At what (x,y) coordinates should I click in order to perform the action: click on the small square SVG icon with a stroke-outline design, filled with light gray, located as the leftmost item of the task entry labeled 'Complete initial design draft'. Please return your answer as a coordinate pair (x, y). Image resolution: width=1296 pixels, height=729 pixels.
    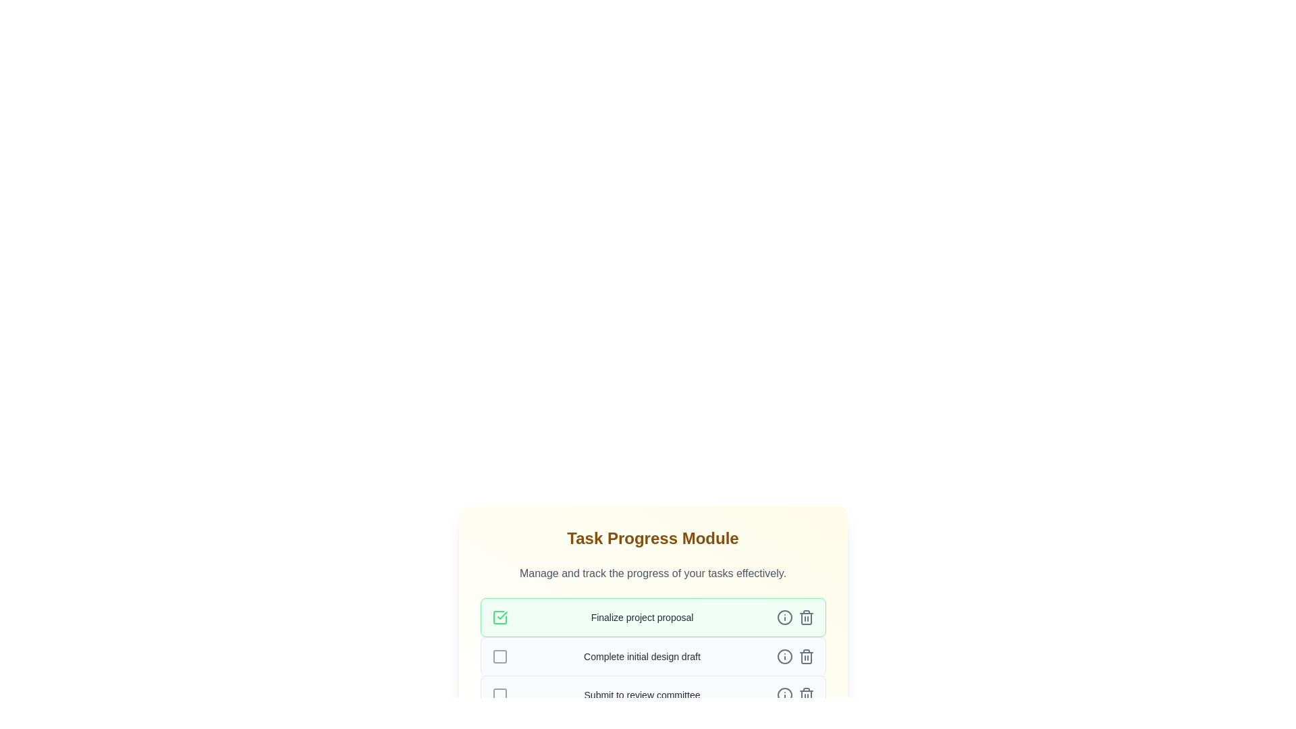
    Looking at the image, I should click on (499, 655).